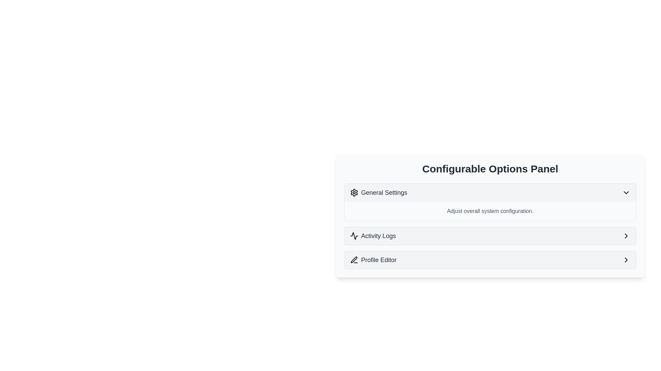 The image size is (661, 371). Describe the element at coordinates (490, 260) in the screenshot. I see `the third Button-like list item in the Configurable Options Panel` at that location.